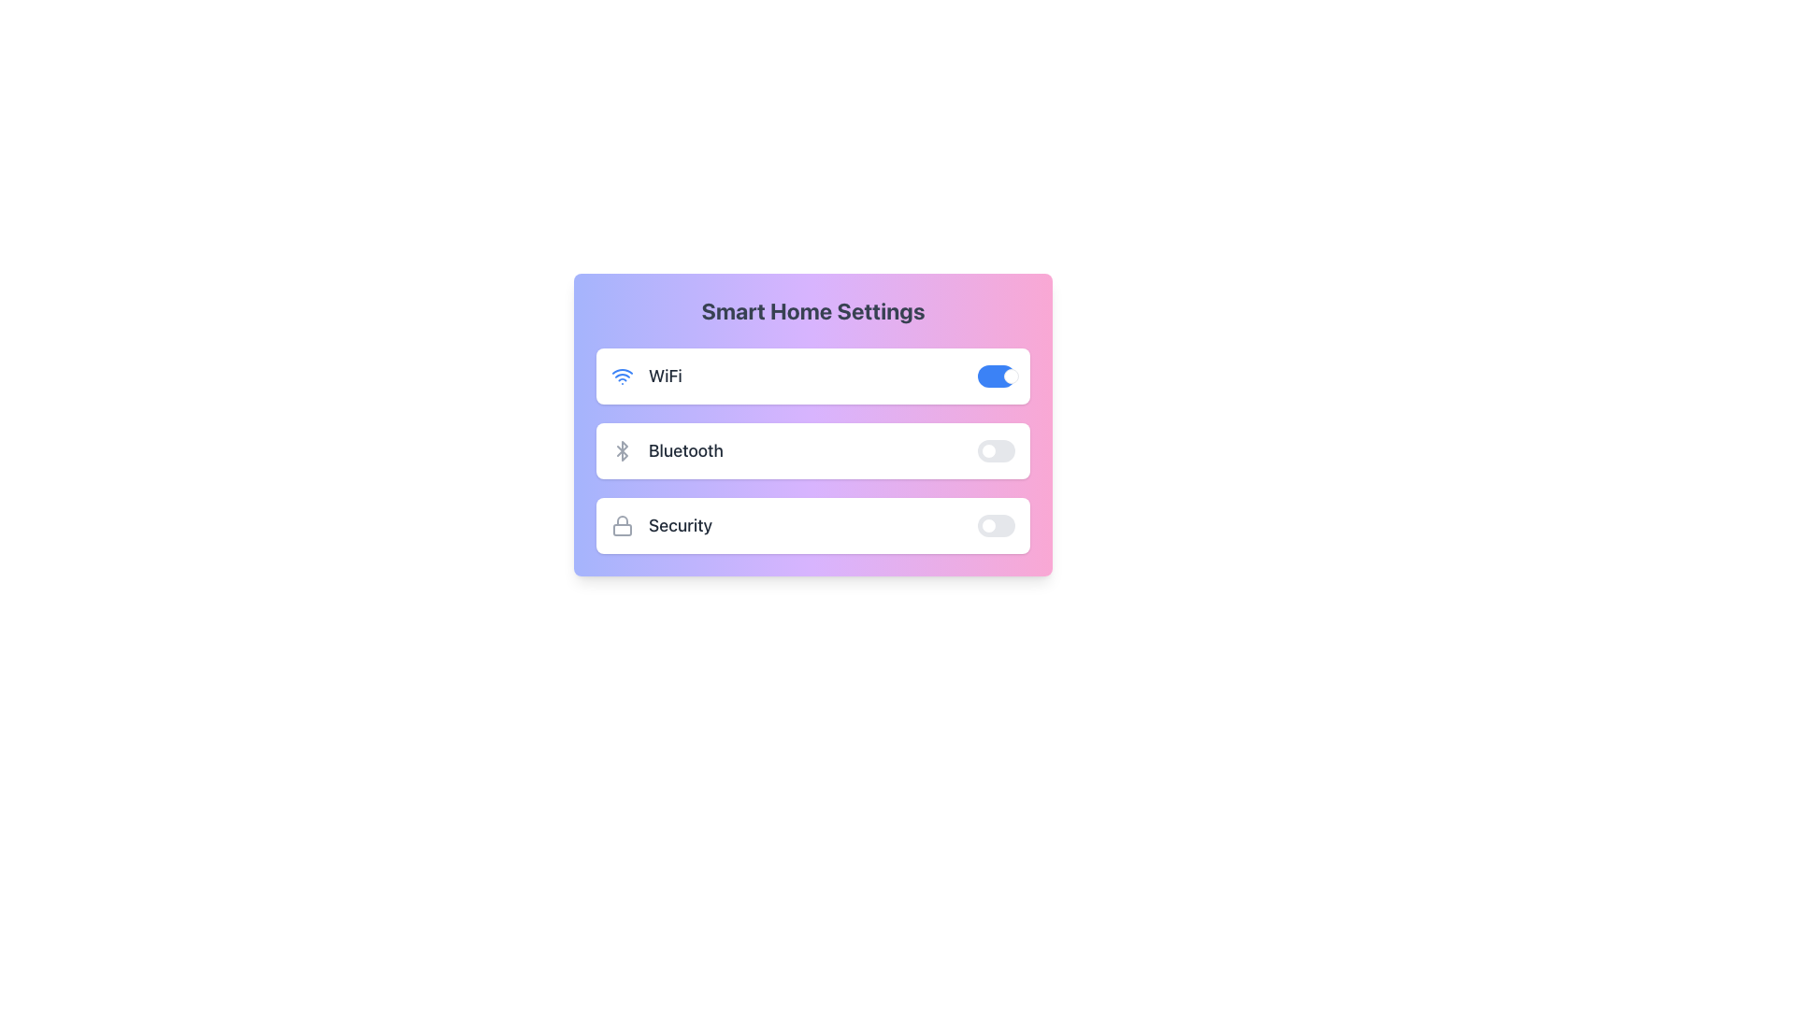 This screenshot has width=1795, height=1009. I want to click on the toggle switch knob for the 'Bluetooth' setting in the 'Smart Home Settings' panel, so click(987, 450).